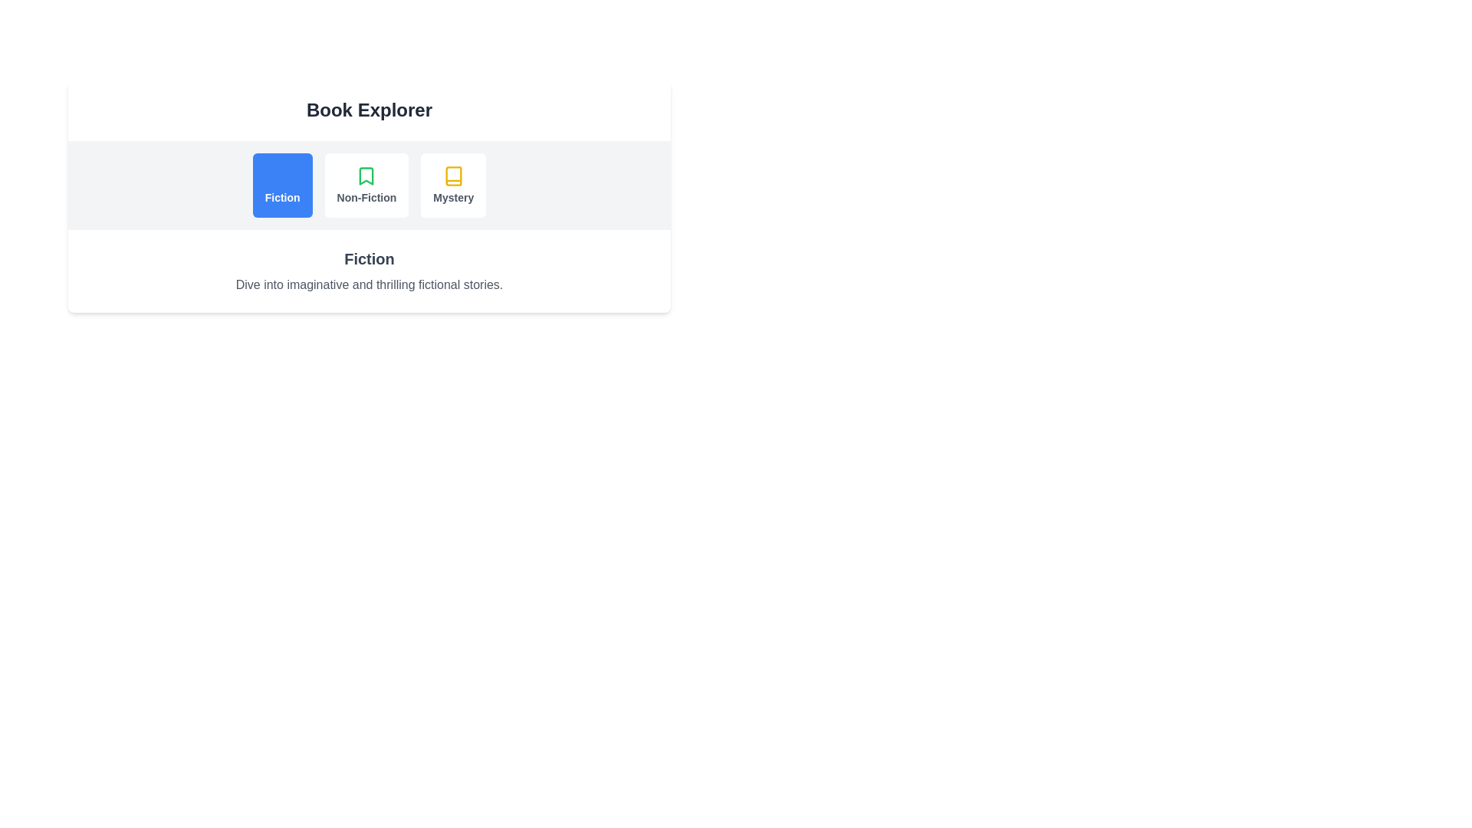  I want to click on the tab labeled Mystery to activate it, so click(452, 185).